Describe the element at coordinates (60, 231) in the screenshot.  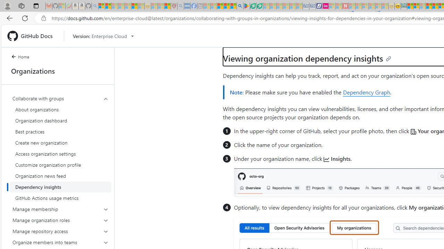
I see `'Manage repository access'` at that location.